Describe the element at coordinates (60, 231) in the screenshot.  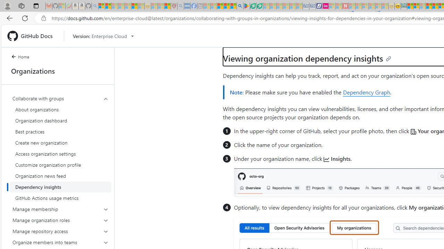
I see `'Manage repository access'` at that location.